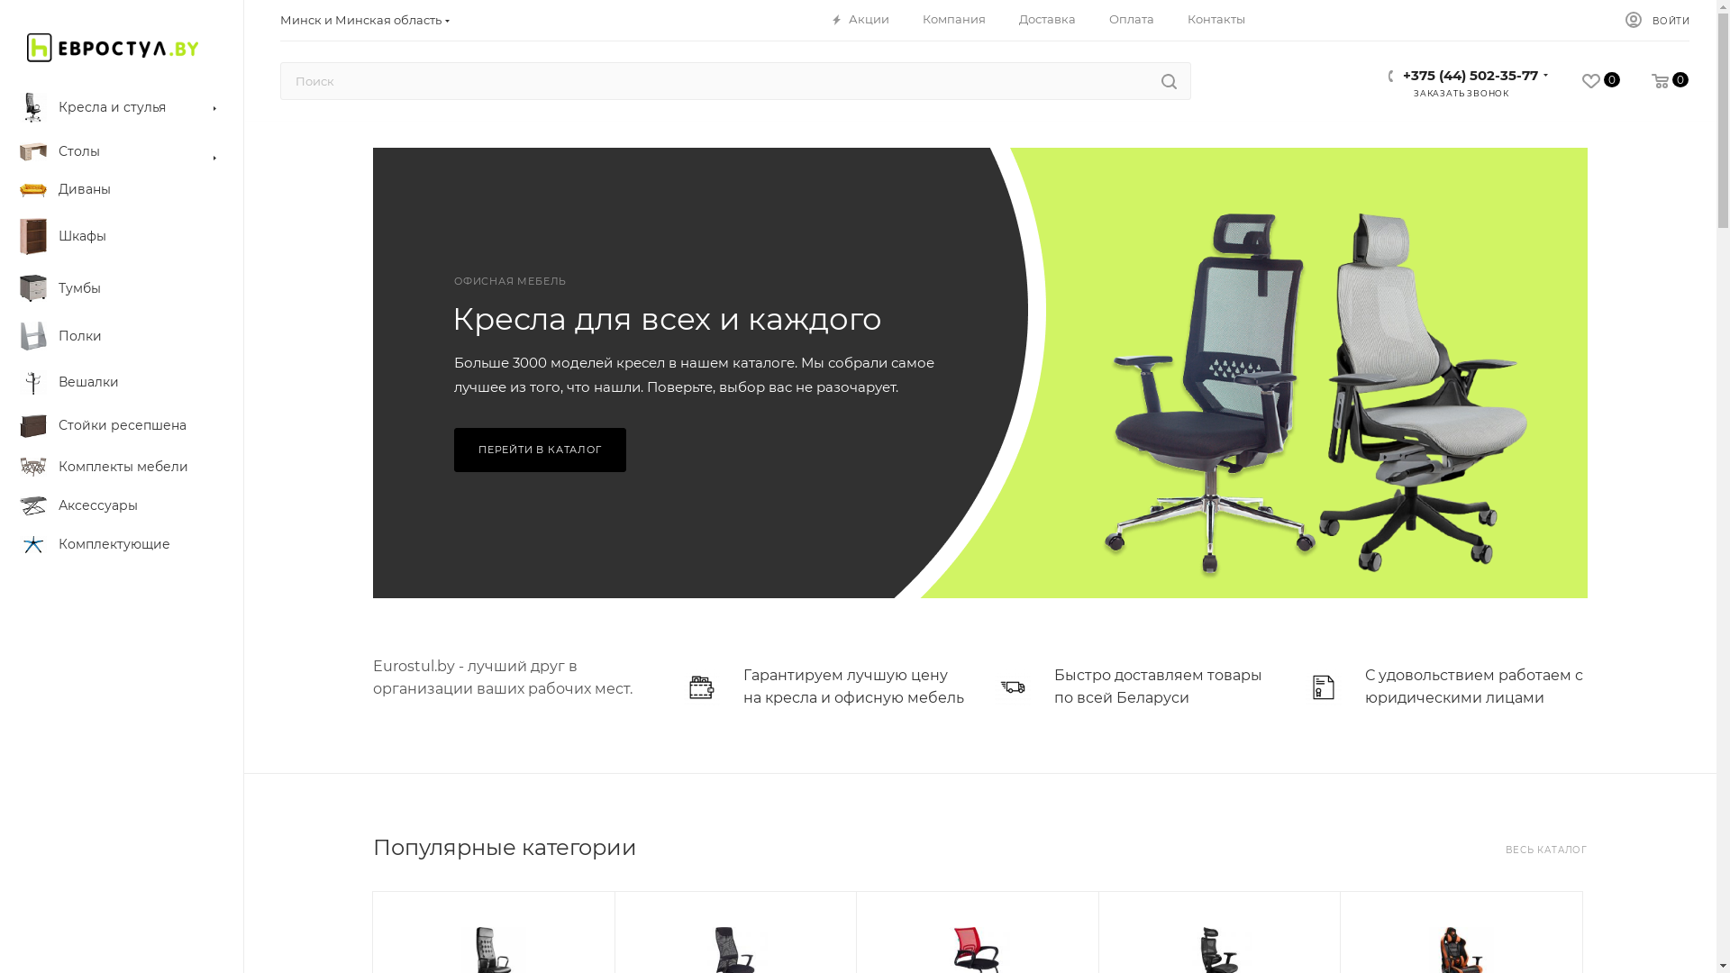 Image resolution: width=1730 pixels, height=973 pixels. What do you see at coordinates (1620, 81) in the screenshot?
I see `'0'` at bounding box center [1620, 81].